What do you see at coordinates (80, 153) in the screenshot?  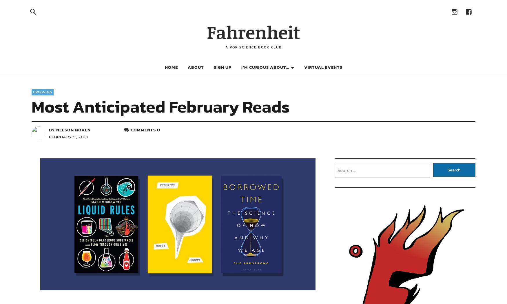 I see `'Share this:'` at bounding box center [80, 153].